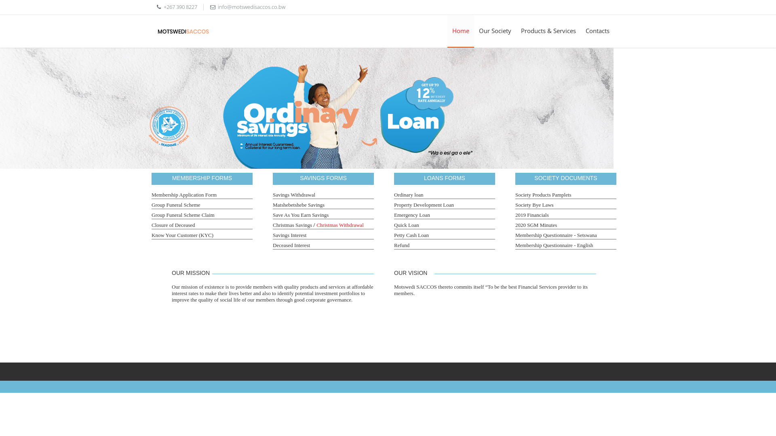 Image resolution: width=776 pixels, height=436 pixels. What do you see at coordinates (494, 30) in the screenshot?
I see `'Our Society'` at bounding box center [494, 30].